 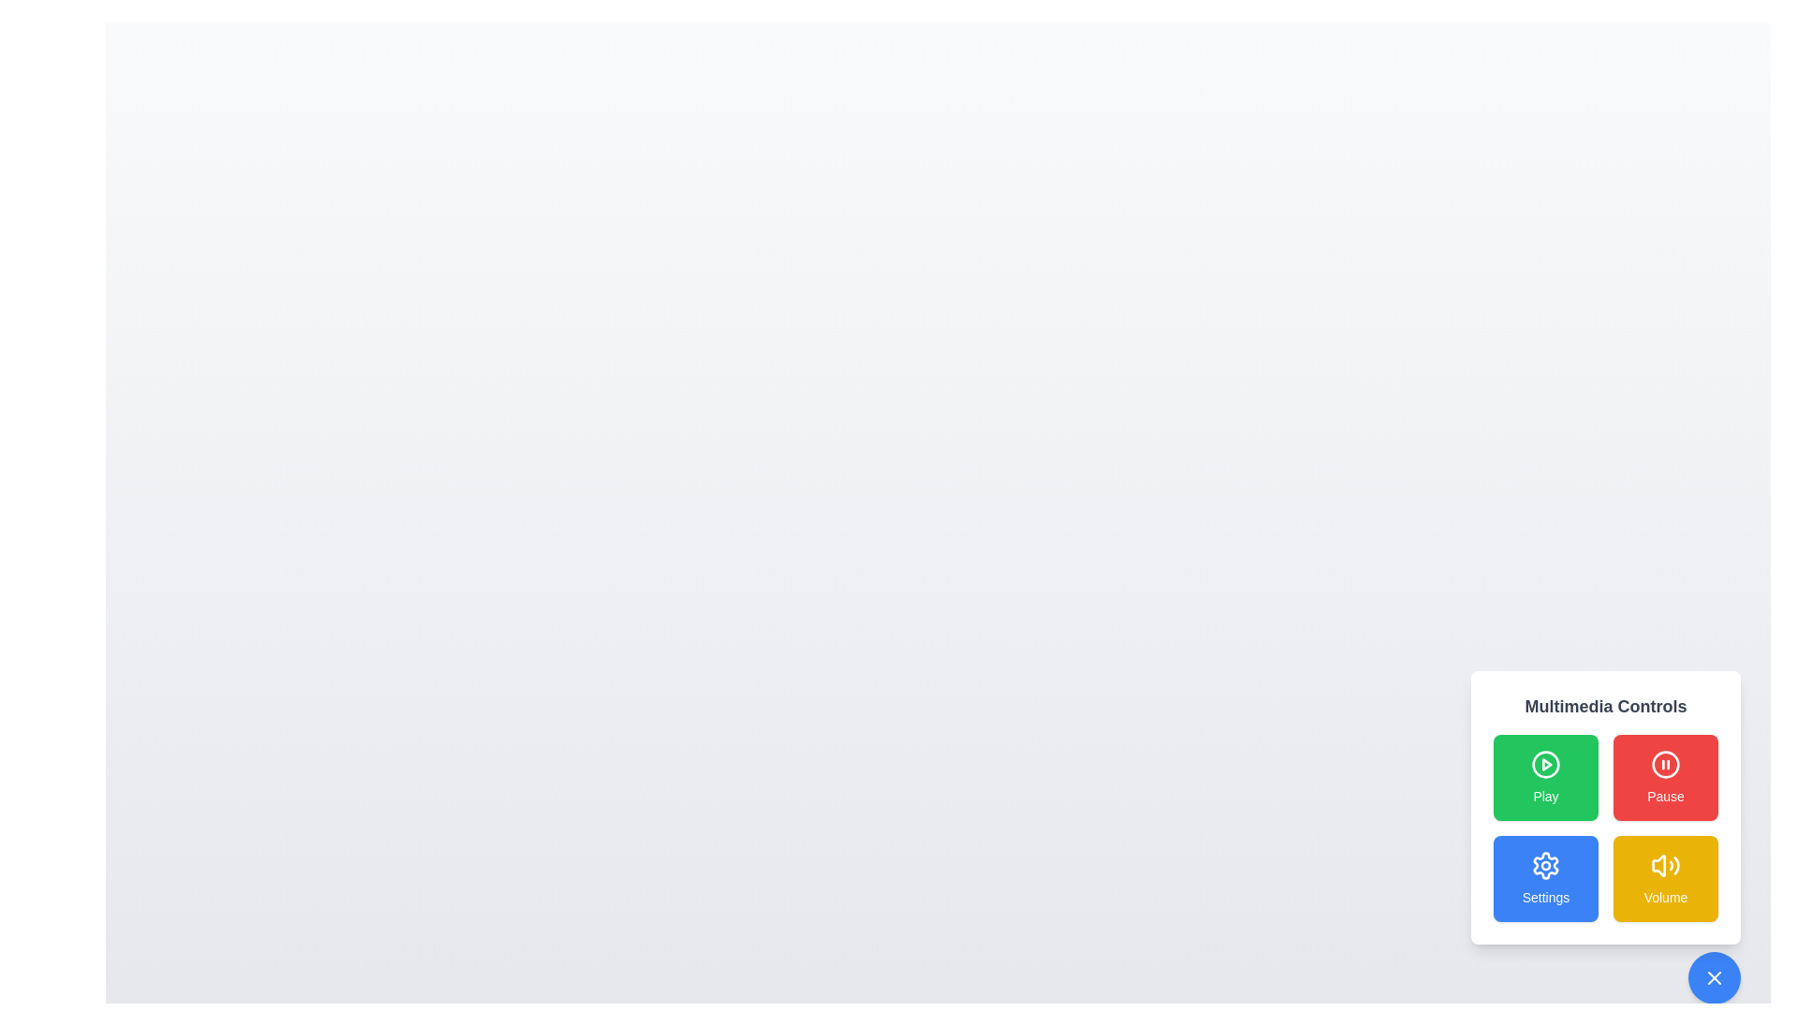 I want to click on the settings button located in the bottom-left quadrant of the multimedia control grid, so click(x=1546, y=866).